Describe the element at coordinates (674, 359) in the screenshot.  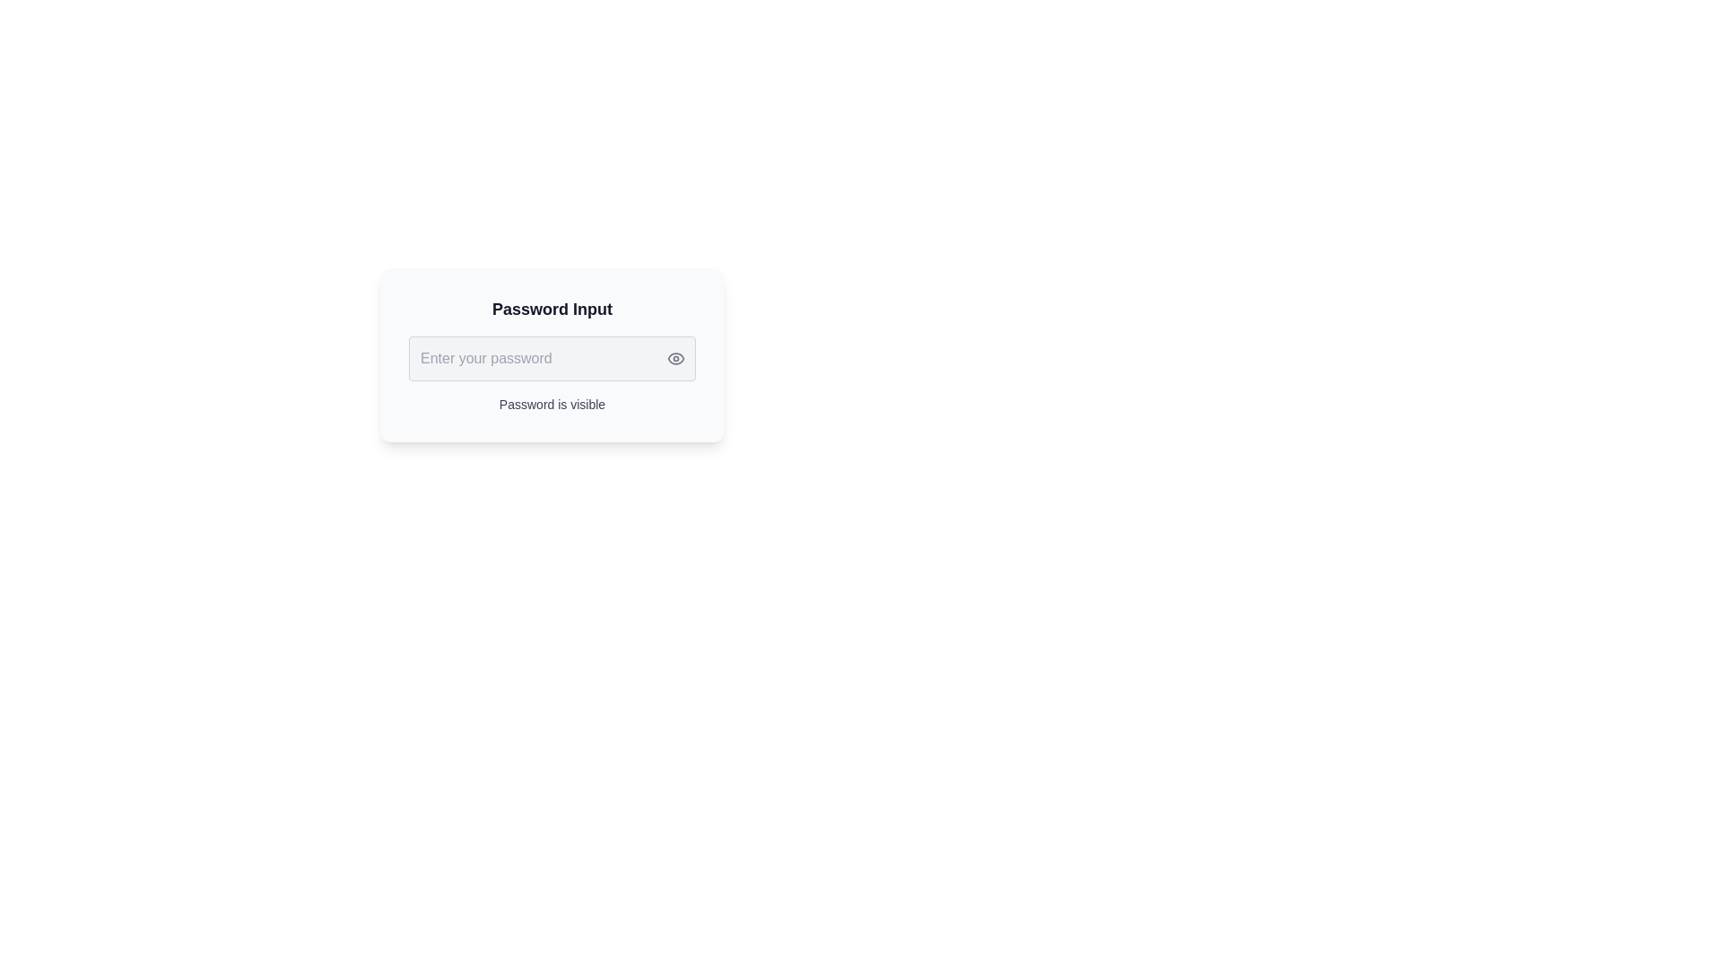
I see `the eye-shaped icon within the button located on the right end of the password input field to observe any visual changes` at that location.